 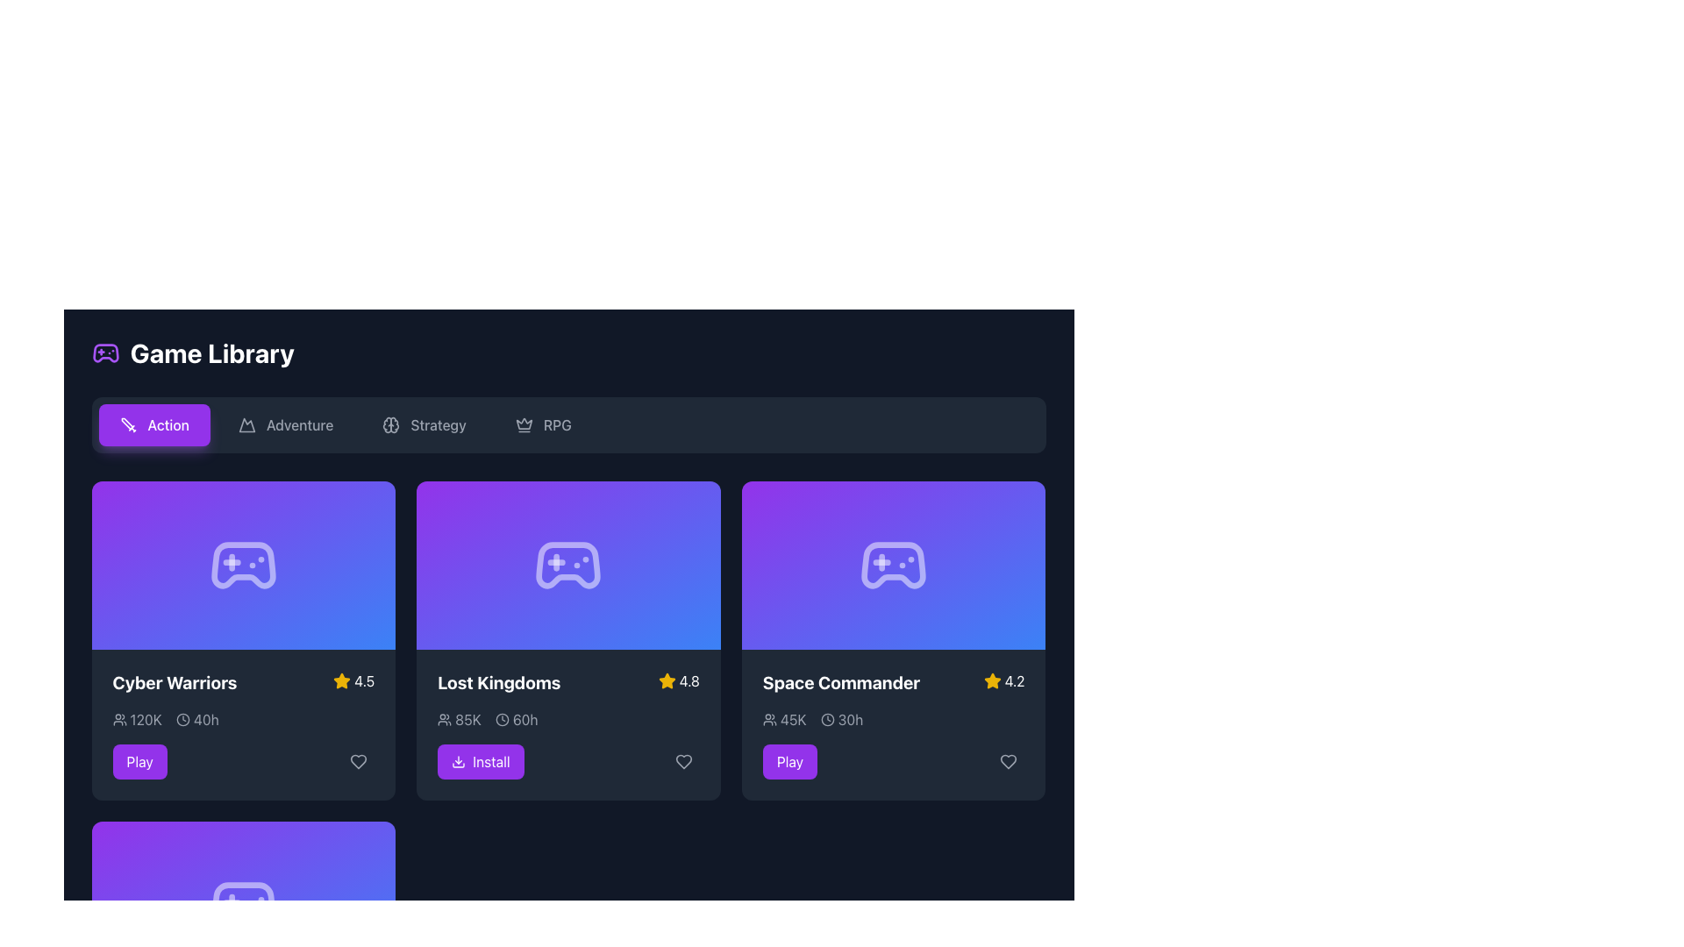 What do you see at coordinates (682, 760) in the screenshot?
I see `the heart-shaped icon at the bottom-right corner of the 'Lost Kingdoms' game card` at bounding box center [682, 760].